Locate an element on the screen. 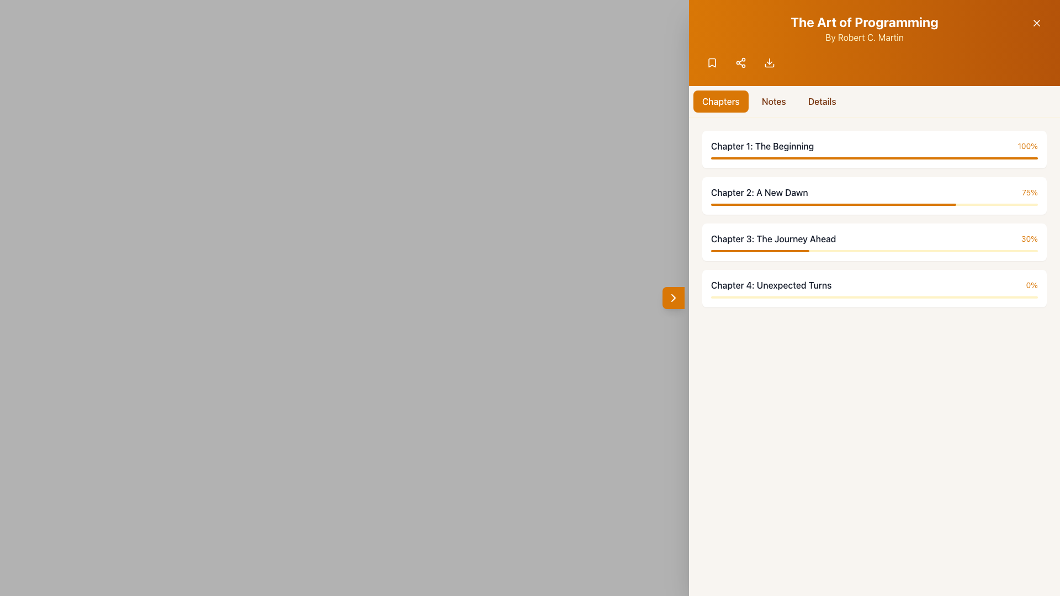 The image size is (1060, 596). the share icon button located to the right of the header section labeled 'The Art of Programming' is located at coordinates (741, 63).